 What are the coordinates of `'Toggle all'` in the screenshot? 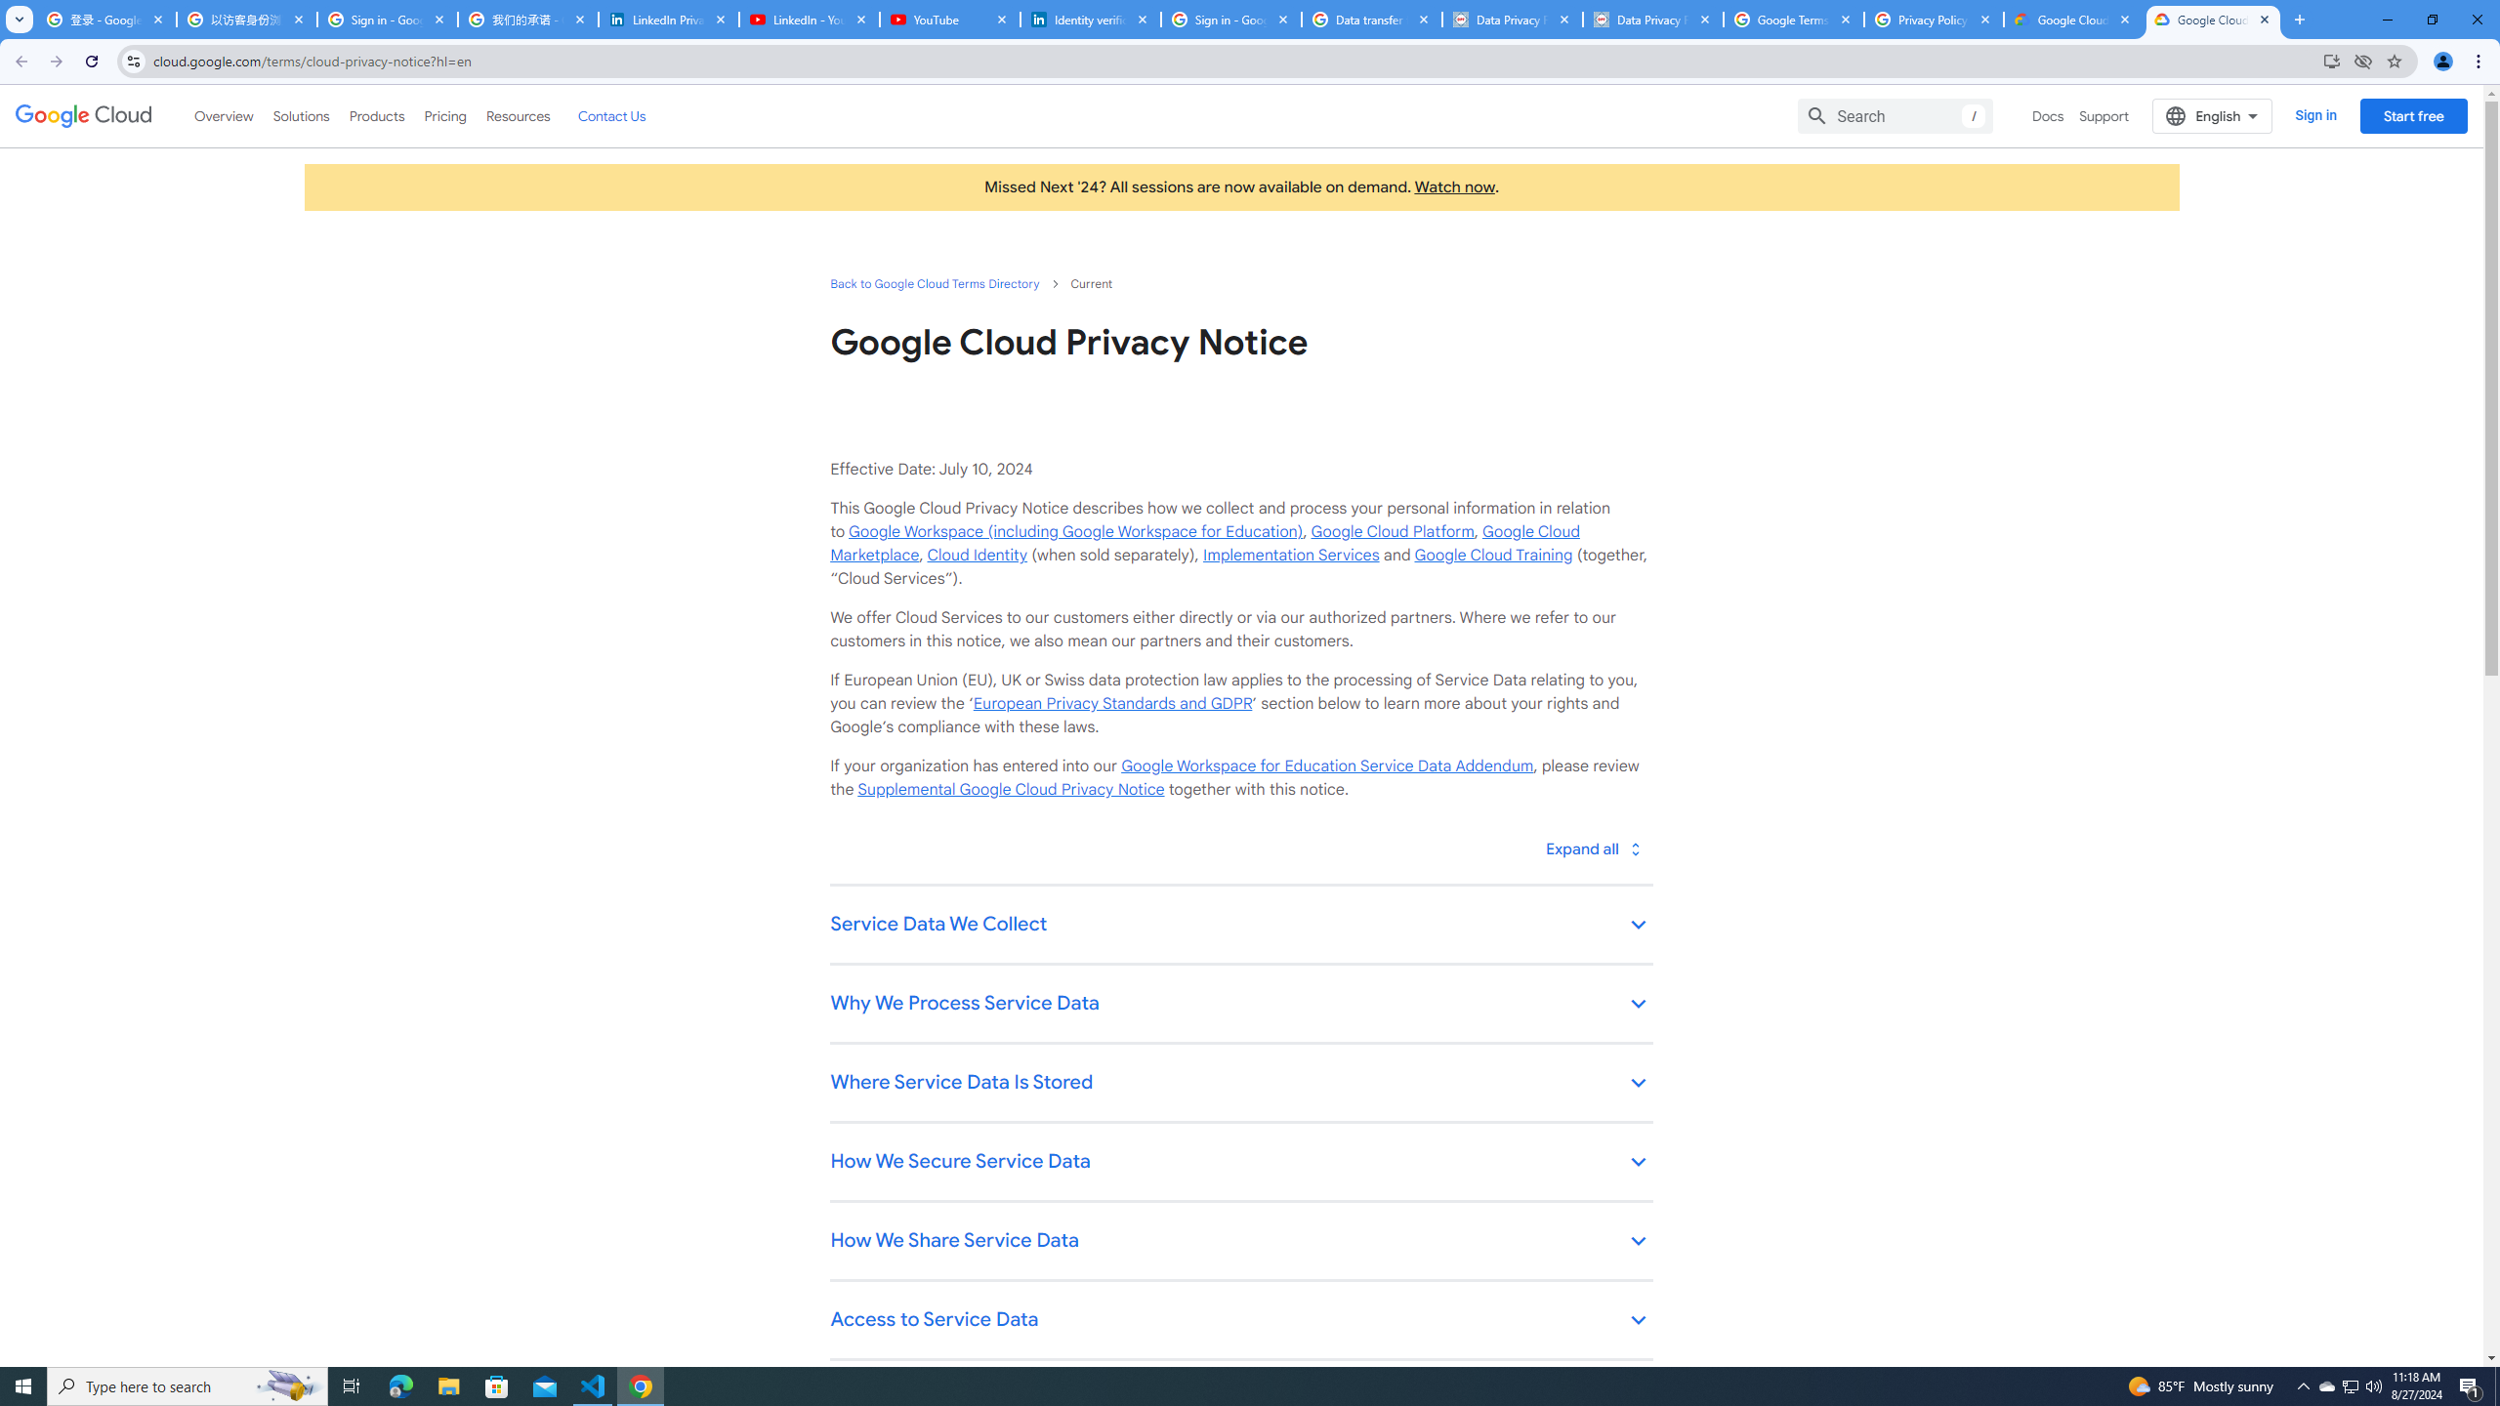 It's located at (1592, 848).